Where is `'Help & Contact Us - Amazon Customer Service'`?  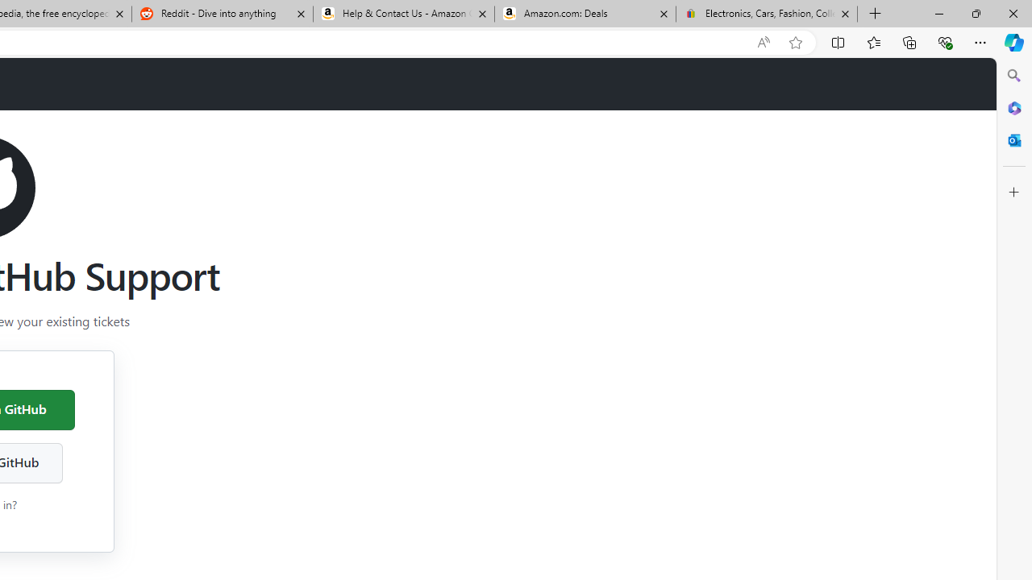 'Help & Contact Us - Amazon Customer Service' is located at coordinates (404, 14).